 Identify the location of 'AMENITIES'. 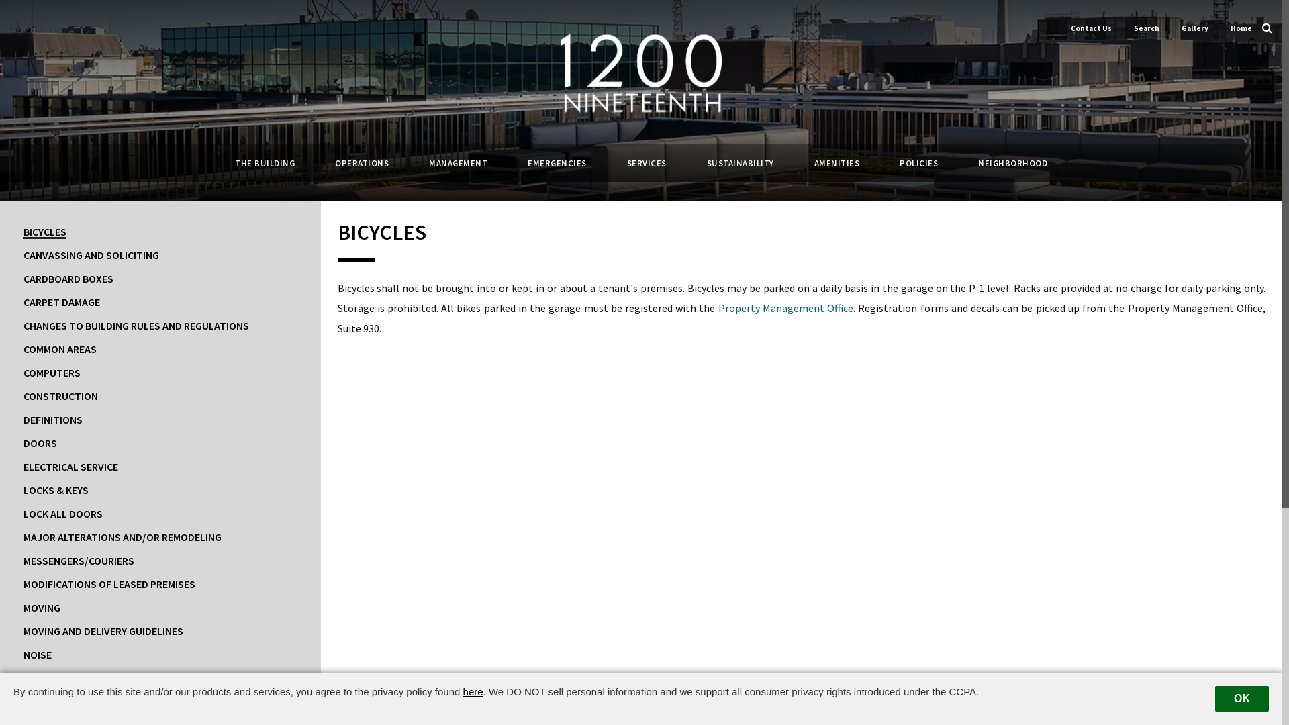
(812, 162).